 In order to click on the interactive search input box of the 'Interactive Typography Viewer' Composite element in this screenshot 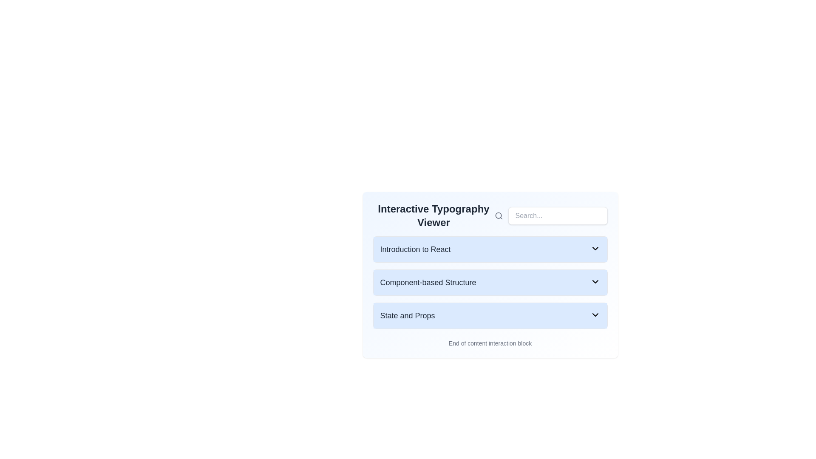, I will do `click(490, 215)`.